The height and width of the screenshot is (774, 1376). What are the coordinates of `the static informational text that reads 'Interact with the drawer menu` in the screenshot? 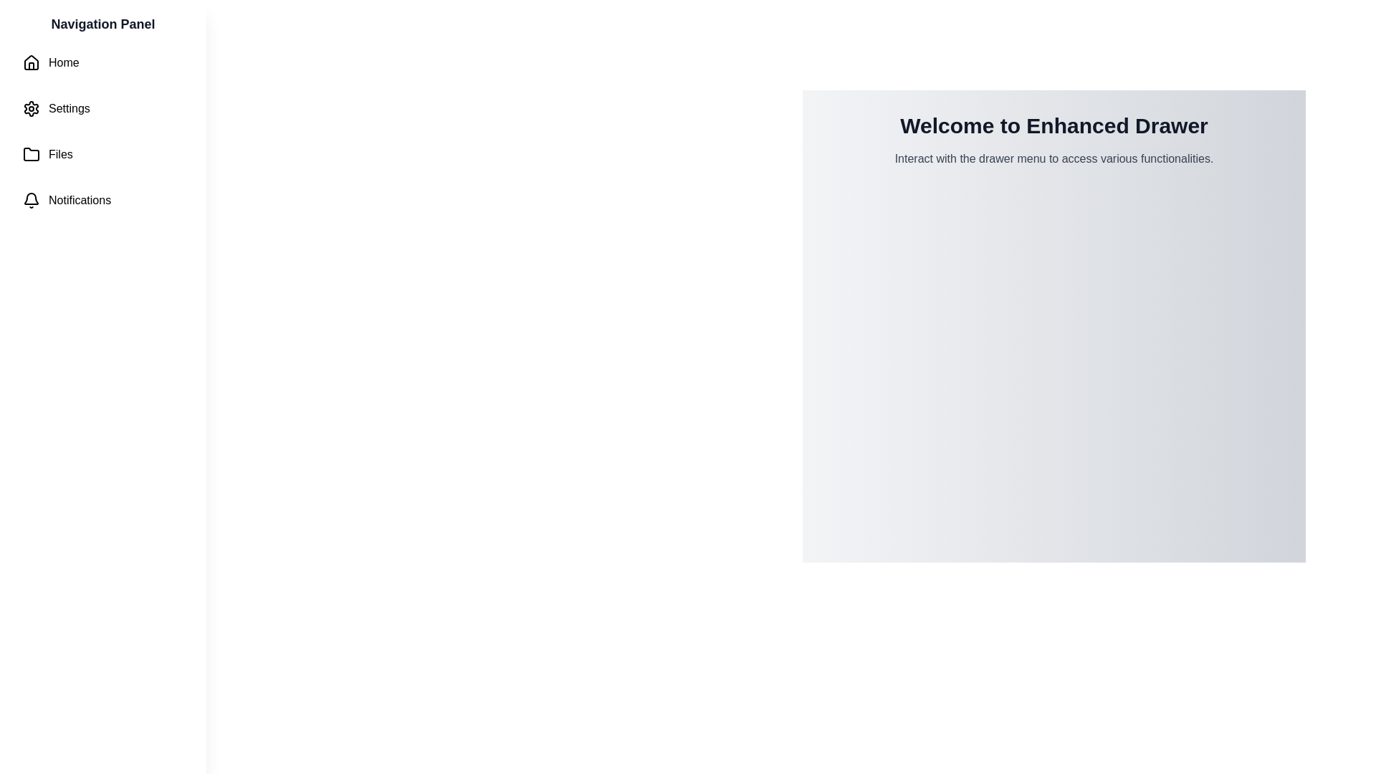 It's located at (1053, 159).